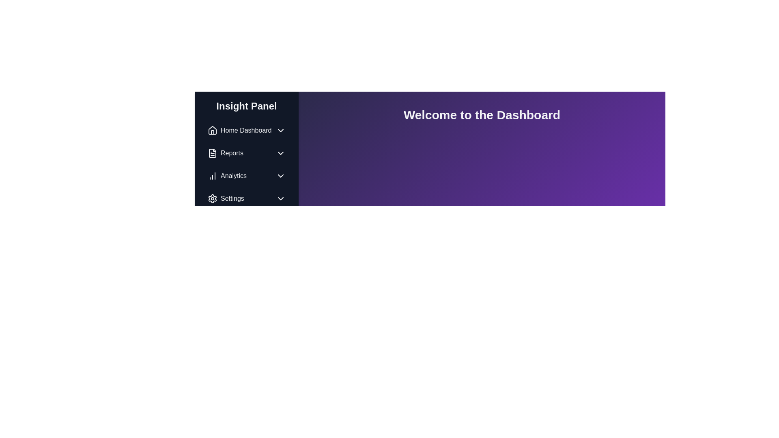 The width and height of the screenshot is (779, 438). Describe the element at coordinates (246, 130) in the screenshot. I see `the 'Home Dashboard' button, which is the first item in the vertical list of navigation items on the left-hand panel` at that location.